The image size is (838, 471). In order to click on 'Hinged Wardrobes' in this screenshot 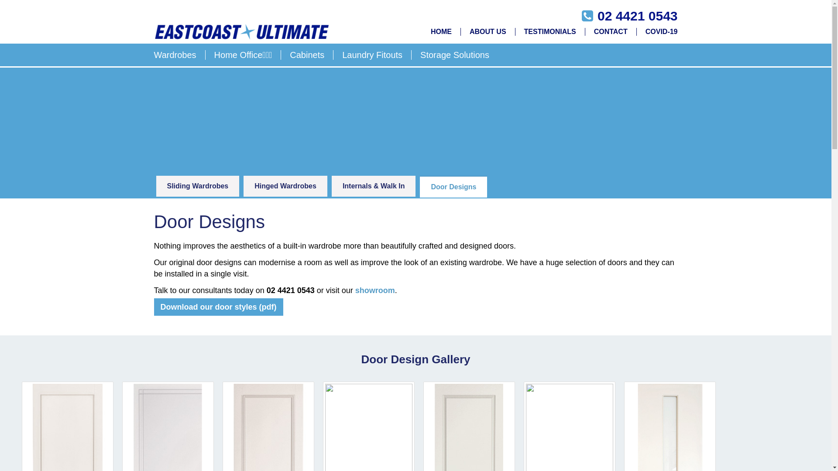, I will do `click(285, 186)`.